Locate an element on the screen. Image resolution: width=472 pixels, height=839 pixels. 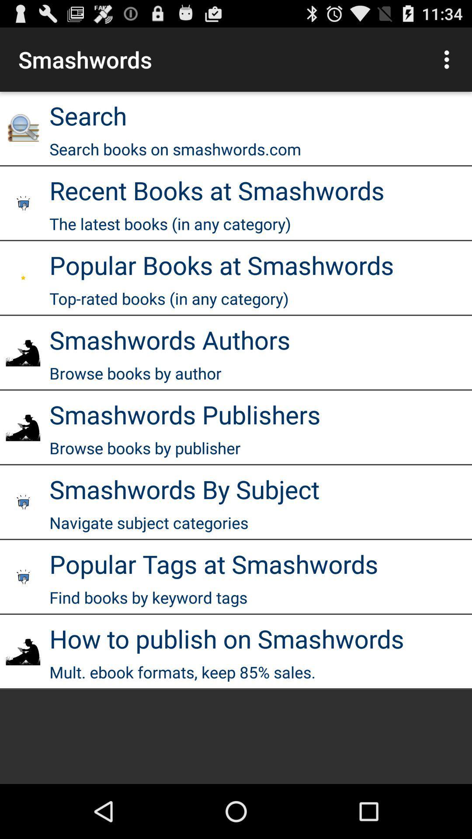
the item below smashwords by subject is located at coordinates (148, 523).